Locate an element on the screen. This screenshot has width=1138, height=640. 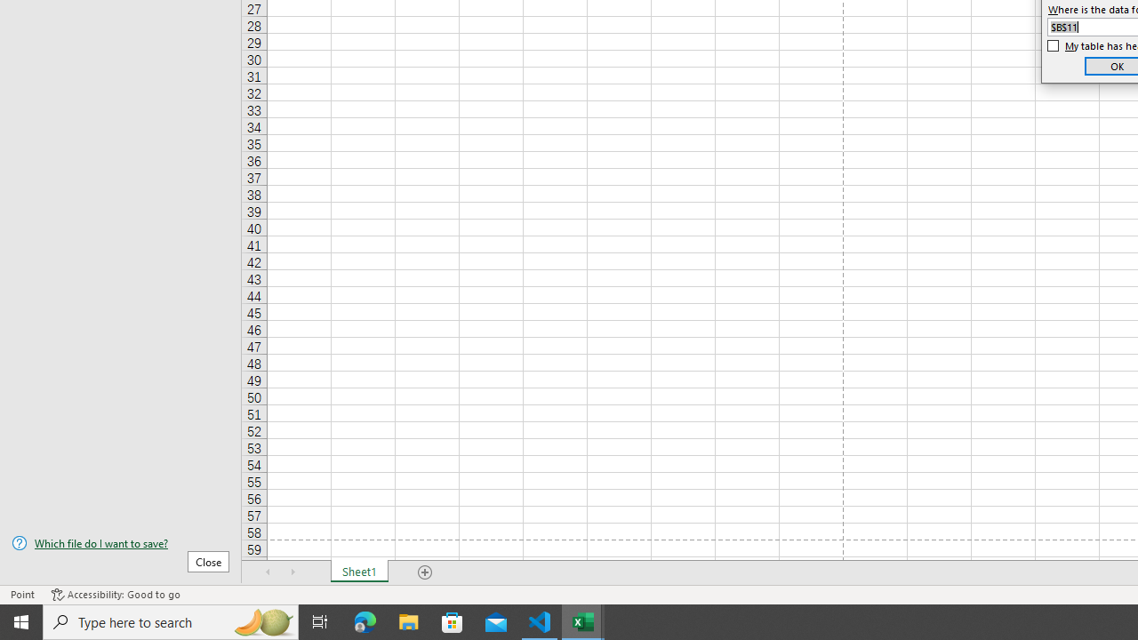
'Visual Studio Code - 1 running window' is located at coordinates (539, 620).